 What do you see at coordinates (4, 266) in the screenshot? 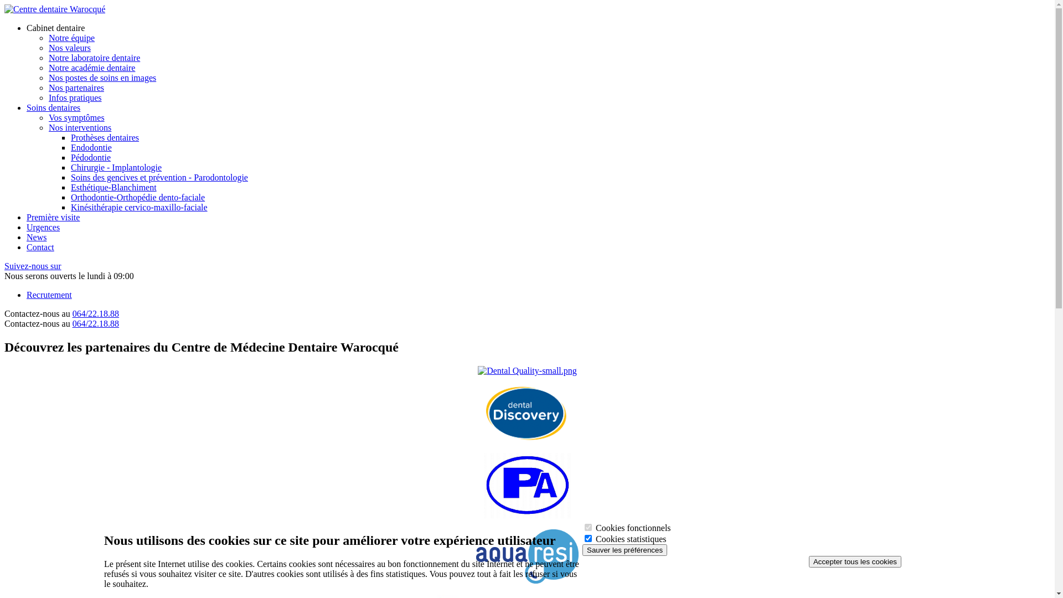
I see `'Suivez-nous sur'` at bounding box center [4, 266].